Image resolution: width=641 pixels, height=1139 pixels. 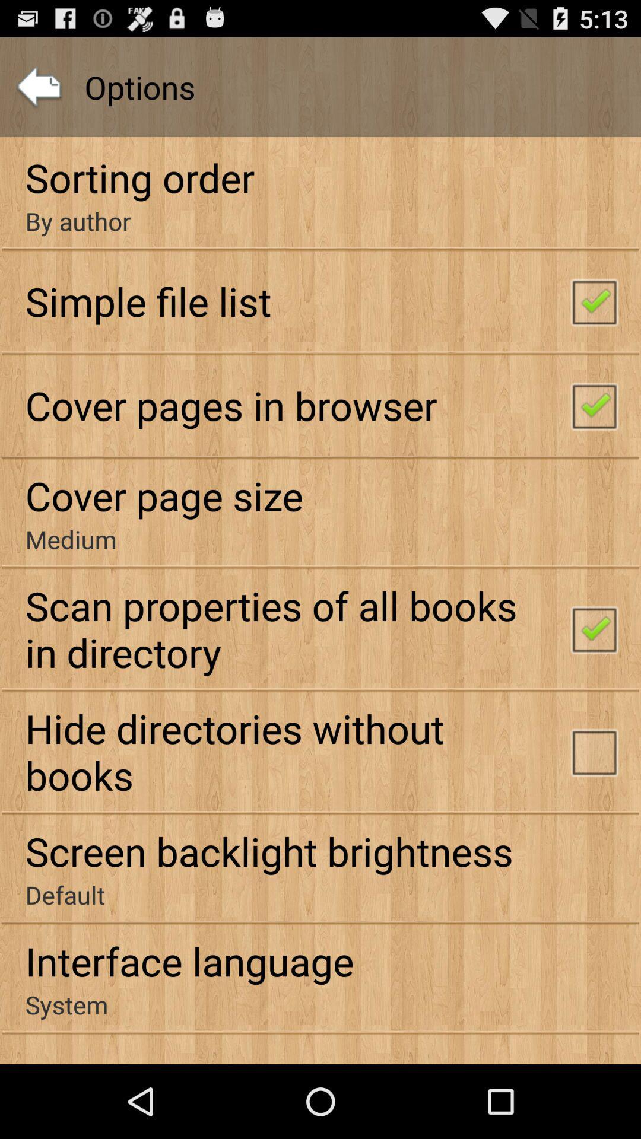 What do you see at coordinates (38, 93) in the screenshot?
I see `the arrow_backward icon` at bounding box center [38, 93].